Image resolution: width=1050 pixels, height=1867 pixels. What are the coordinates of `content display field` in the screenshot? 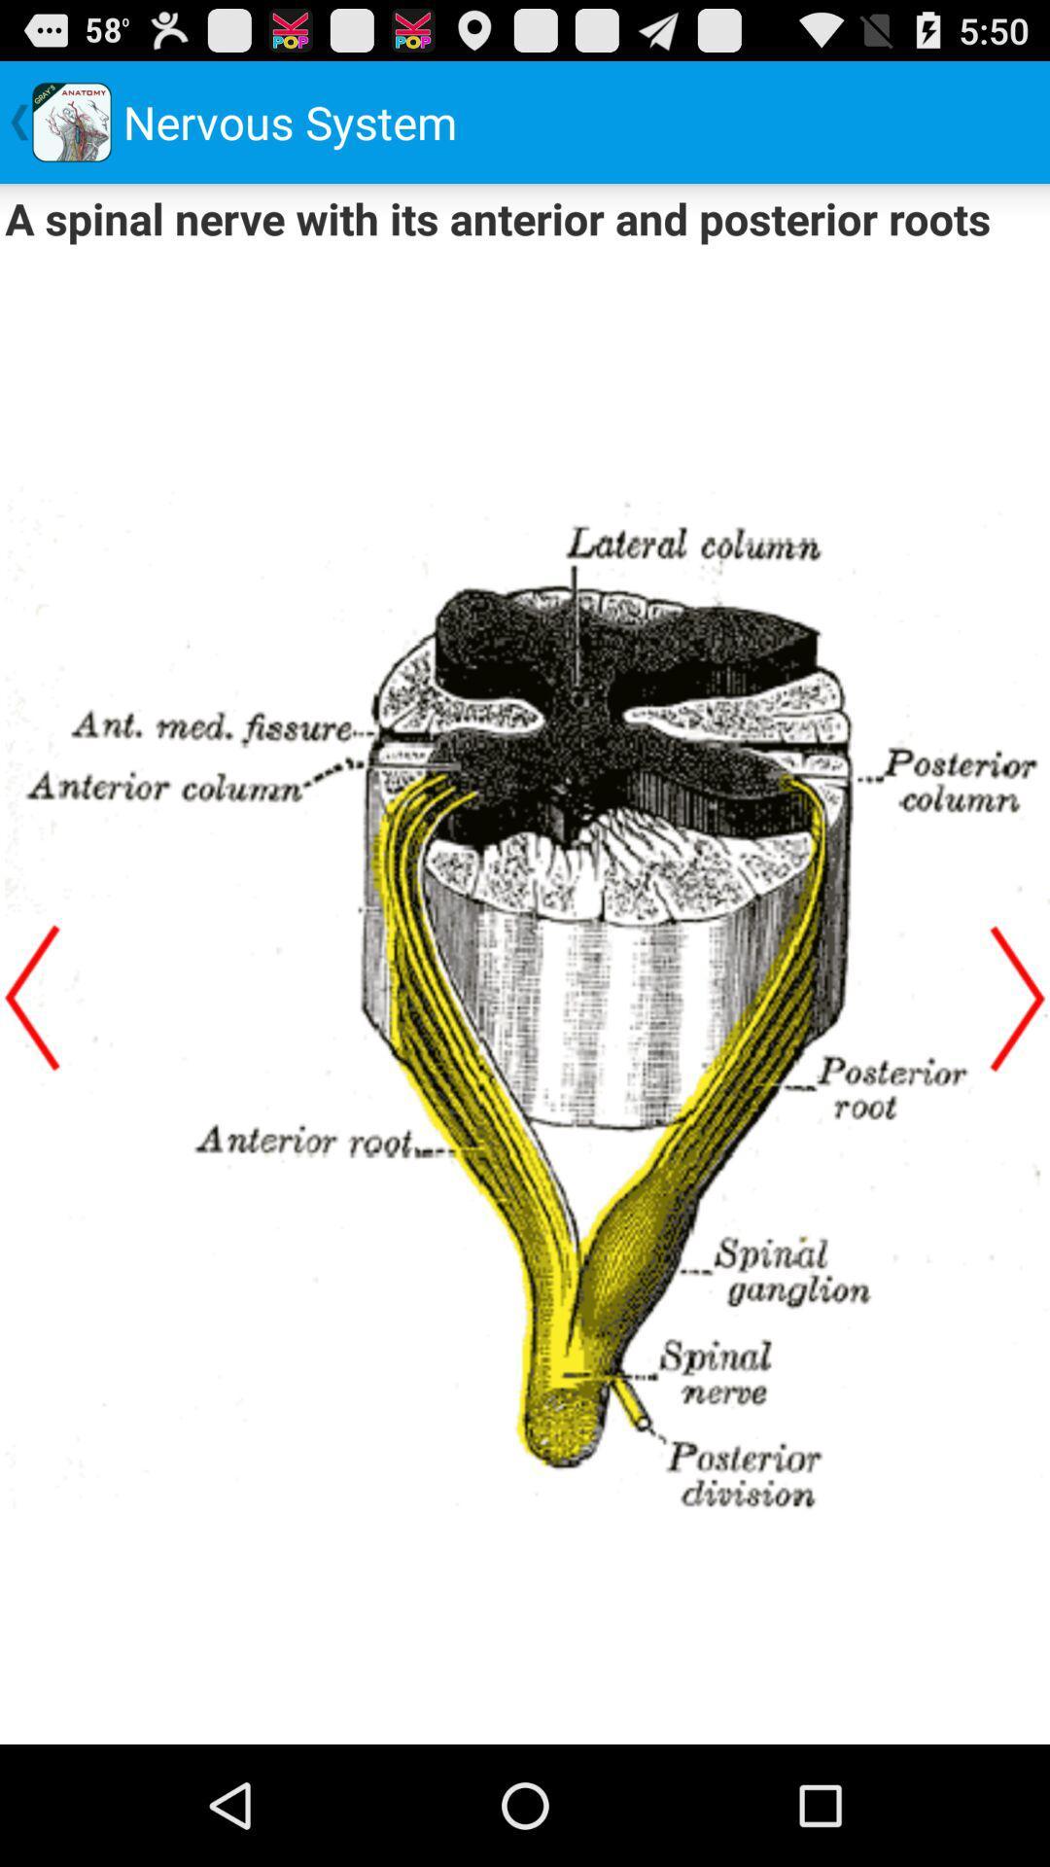 It's located at (525, 999).